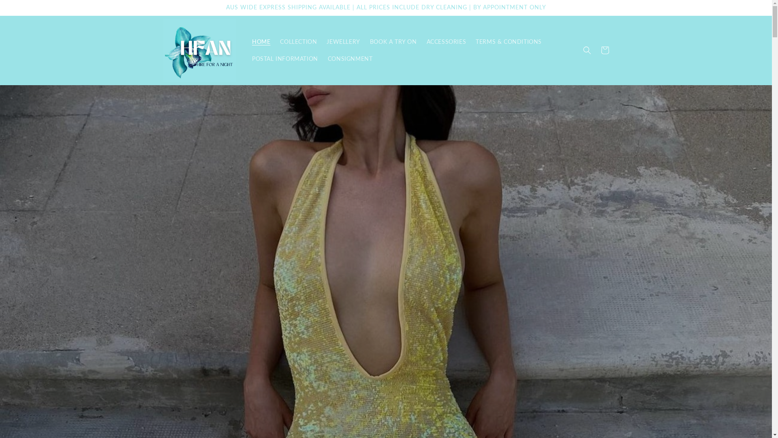  I want to click on 'HOME', so click(261, 42).